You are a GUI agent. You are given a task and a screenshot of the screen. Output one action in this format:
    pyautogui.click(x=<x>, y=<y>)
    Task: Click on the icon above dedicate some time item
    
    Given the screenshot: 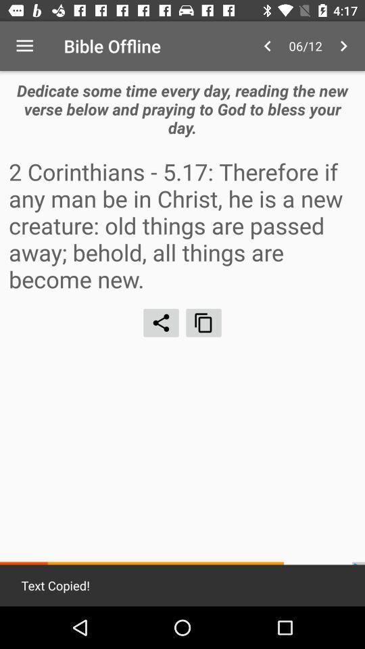 What is the action you would take?
    pyautogui.click(x=343, y=46)
    